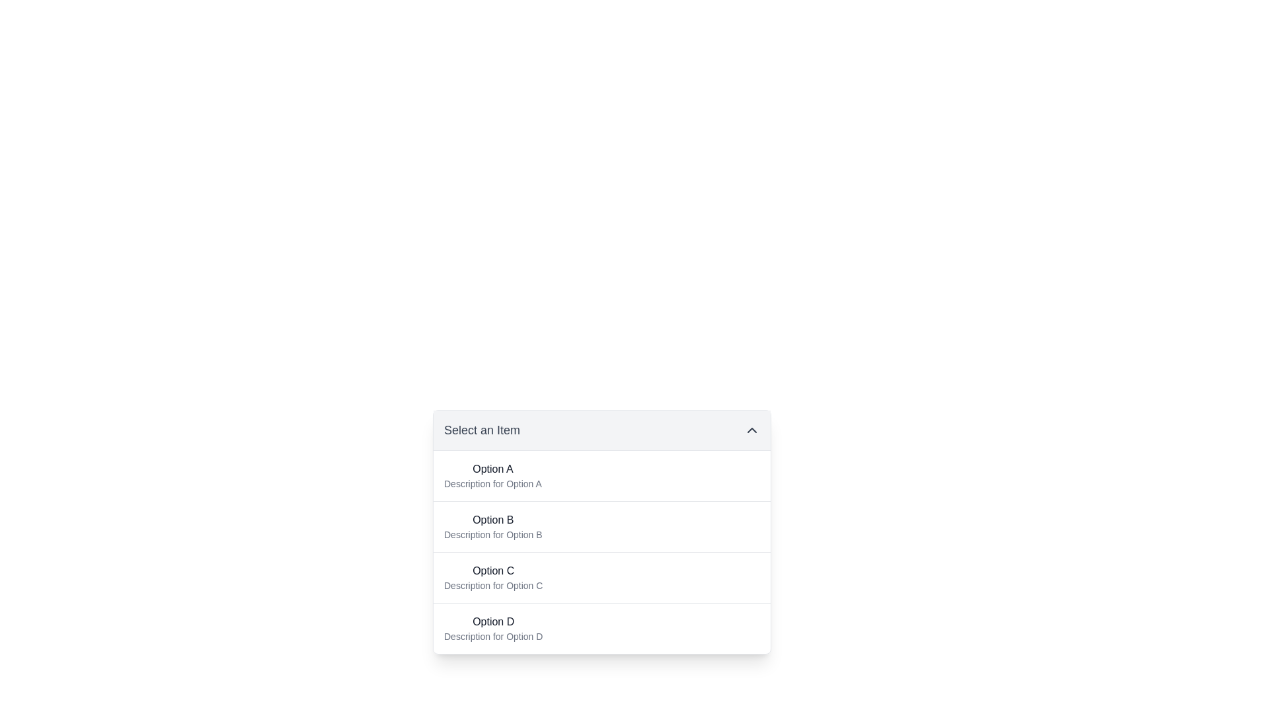 The width and height of the screenshot is (1269, 714). I want to click on the 'Option B' label displayed in a medium-sized dark gray font above the description text in the dropdown-like UI component under the 'Select an Item' dropdown, so click(492, 519).